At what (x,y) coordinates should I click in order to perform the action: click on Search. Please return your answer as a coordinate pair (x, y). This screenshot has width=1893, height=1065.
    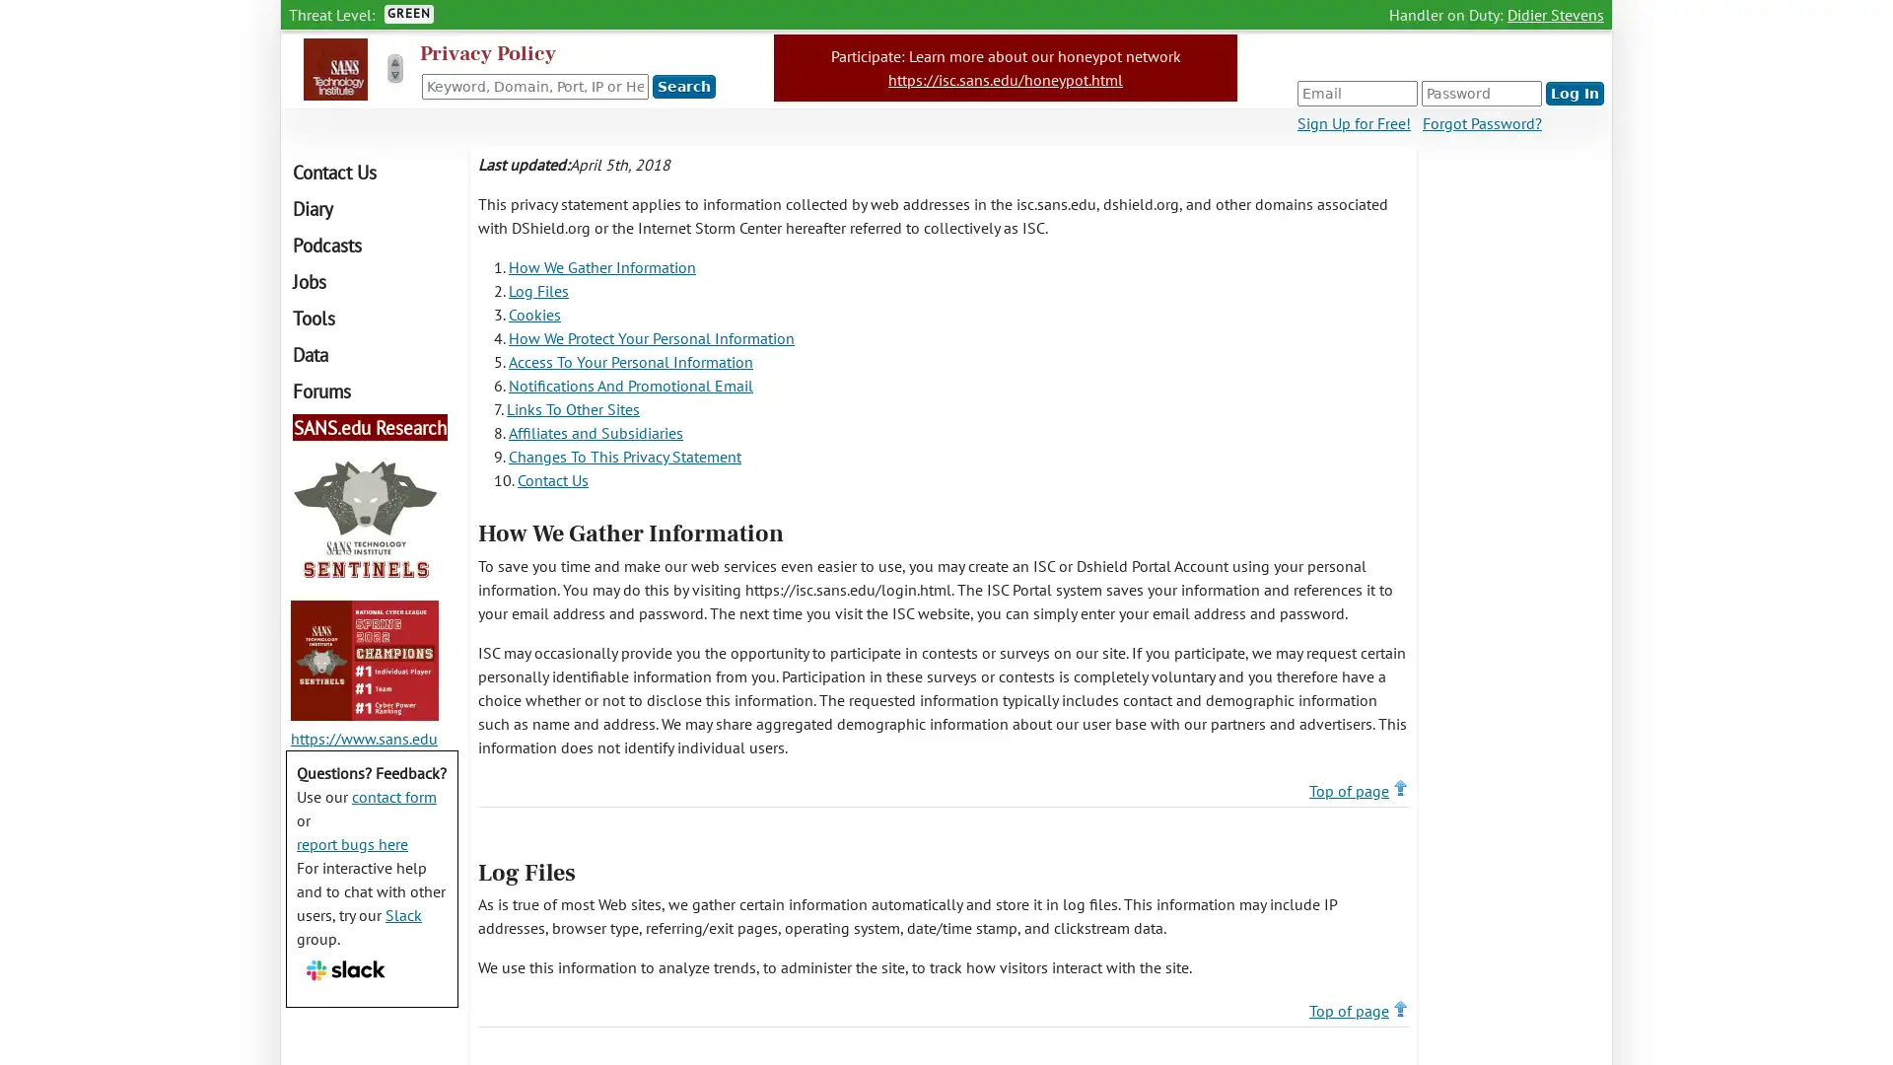
    Looking at the image, I should click on (684, 86).